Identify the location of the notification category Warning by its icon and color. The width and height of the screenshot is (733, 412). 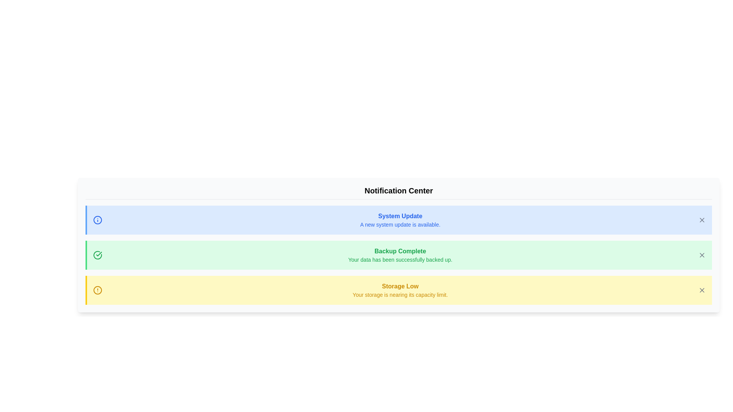
(97, 290).